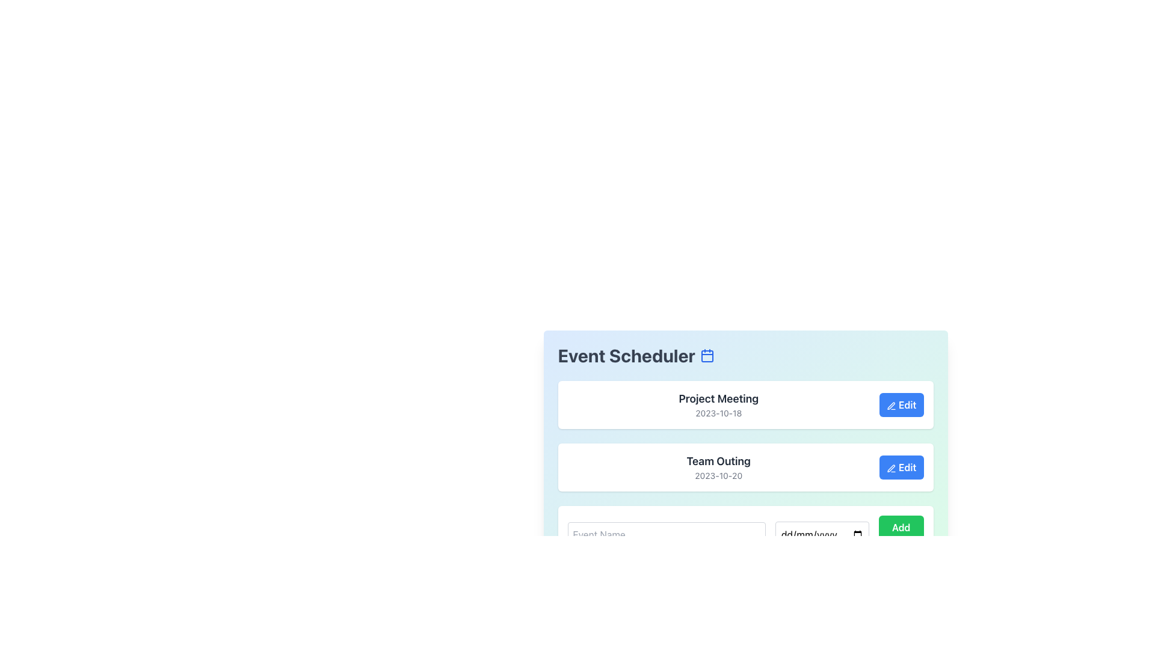 The height and width of the screenshot is (649, 1155). Describe the element at coordinates (718, 467) in the screenshot. I see `the static text element that displays 'Team Outing' in bold black font and '2023-10-20' in smaller gray font, which is part of the 'Event Scheduler' list` at that location.